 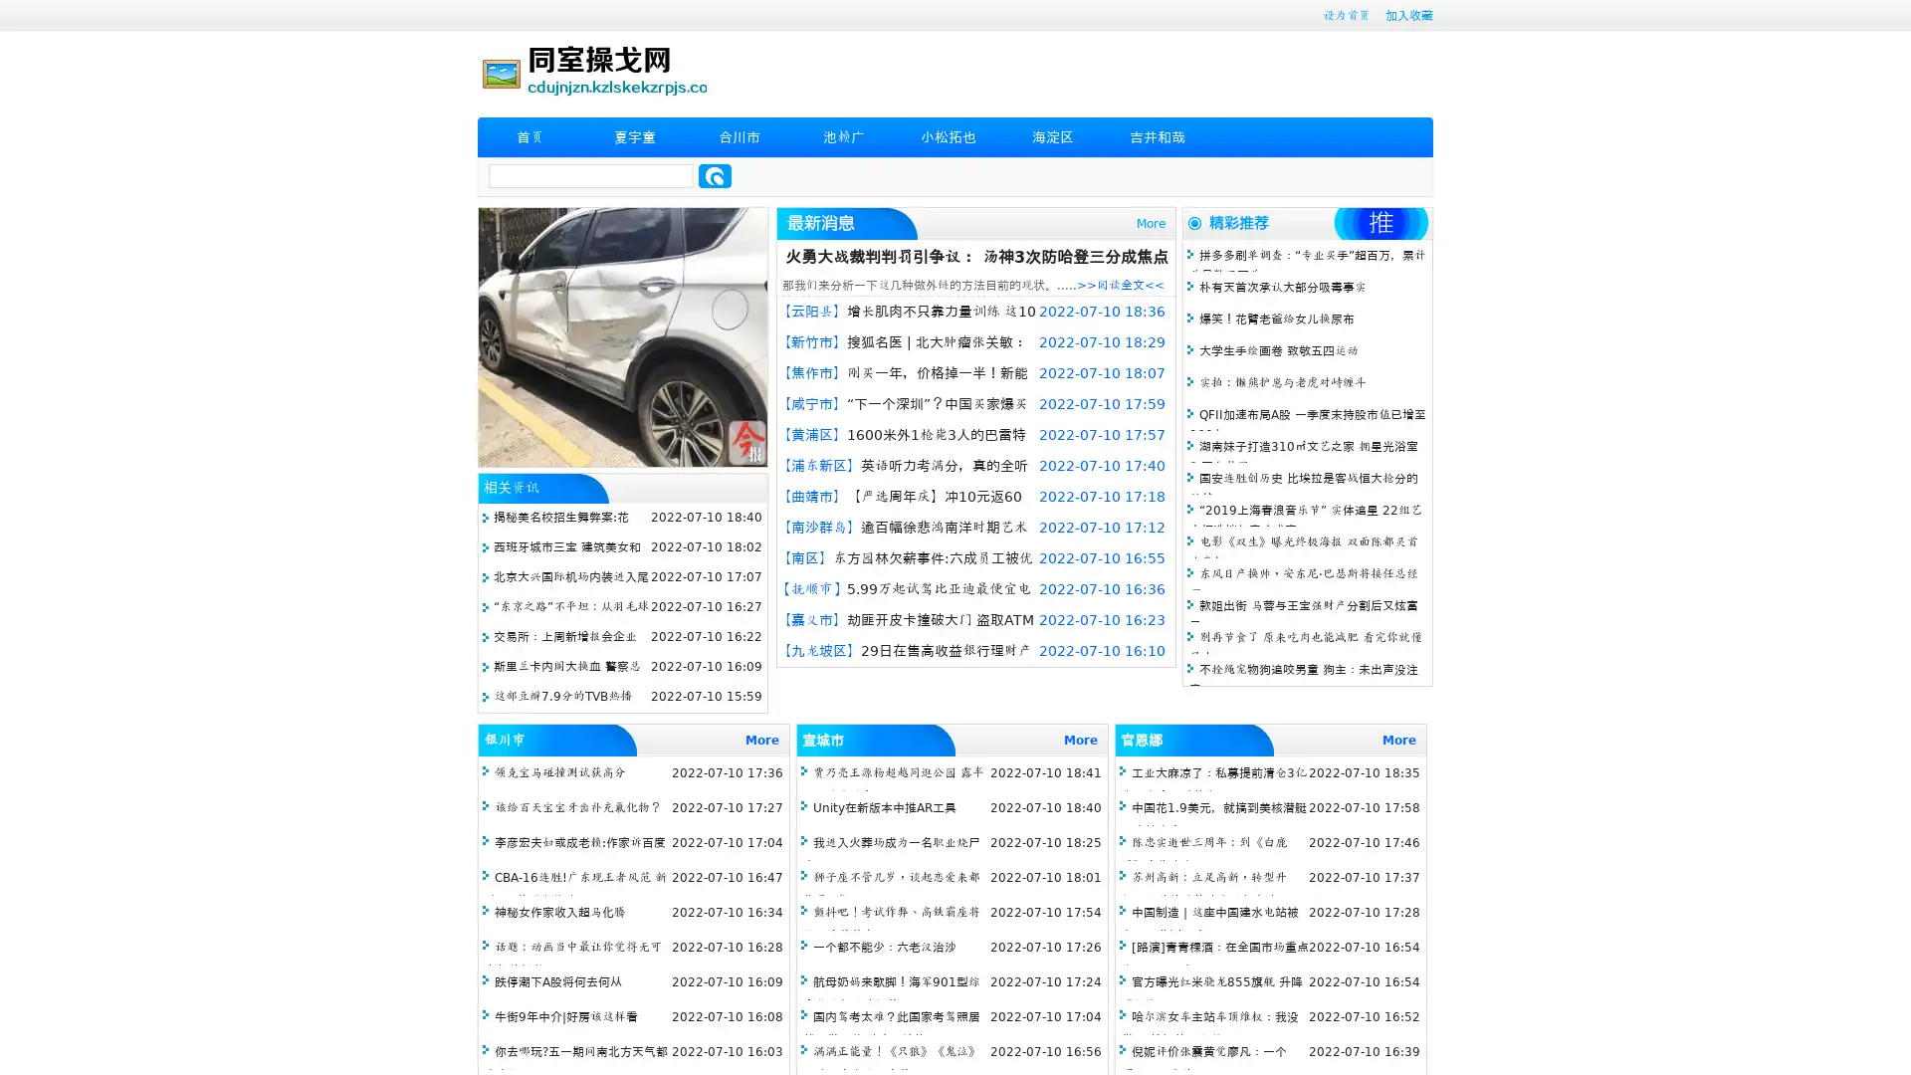 I want to click on Search, so click(x=715, y=175).